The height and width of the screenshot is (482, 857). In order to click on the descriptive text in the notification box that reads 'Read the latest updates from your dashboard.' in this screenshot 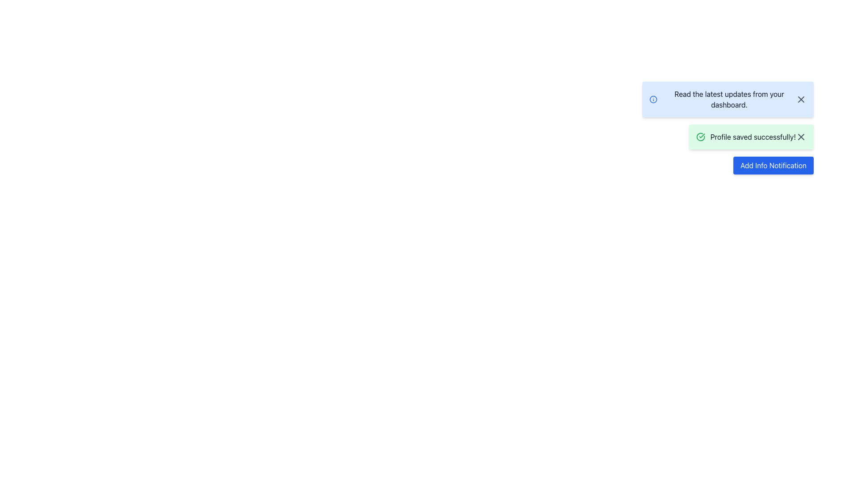, I will do `click(728, 100)`.